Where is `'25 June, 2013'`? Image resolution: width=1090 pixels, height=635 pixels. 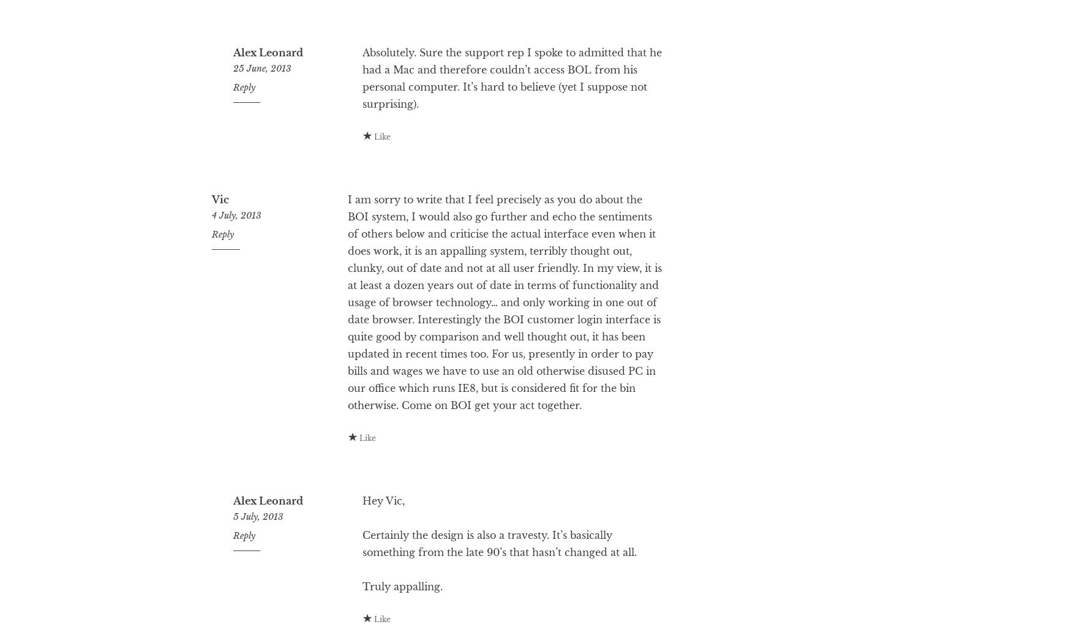 '25 June, 2013' is located at coordinates (261, 116).